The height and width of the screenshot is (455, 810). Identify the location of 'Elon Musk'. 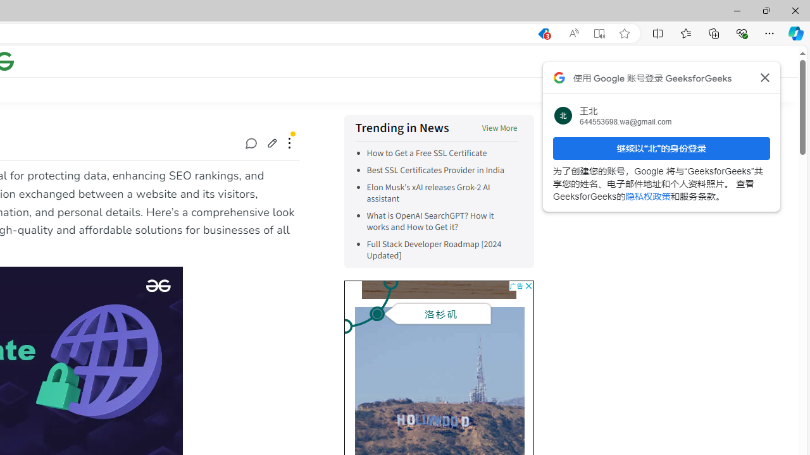
(428, 193).